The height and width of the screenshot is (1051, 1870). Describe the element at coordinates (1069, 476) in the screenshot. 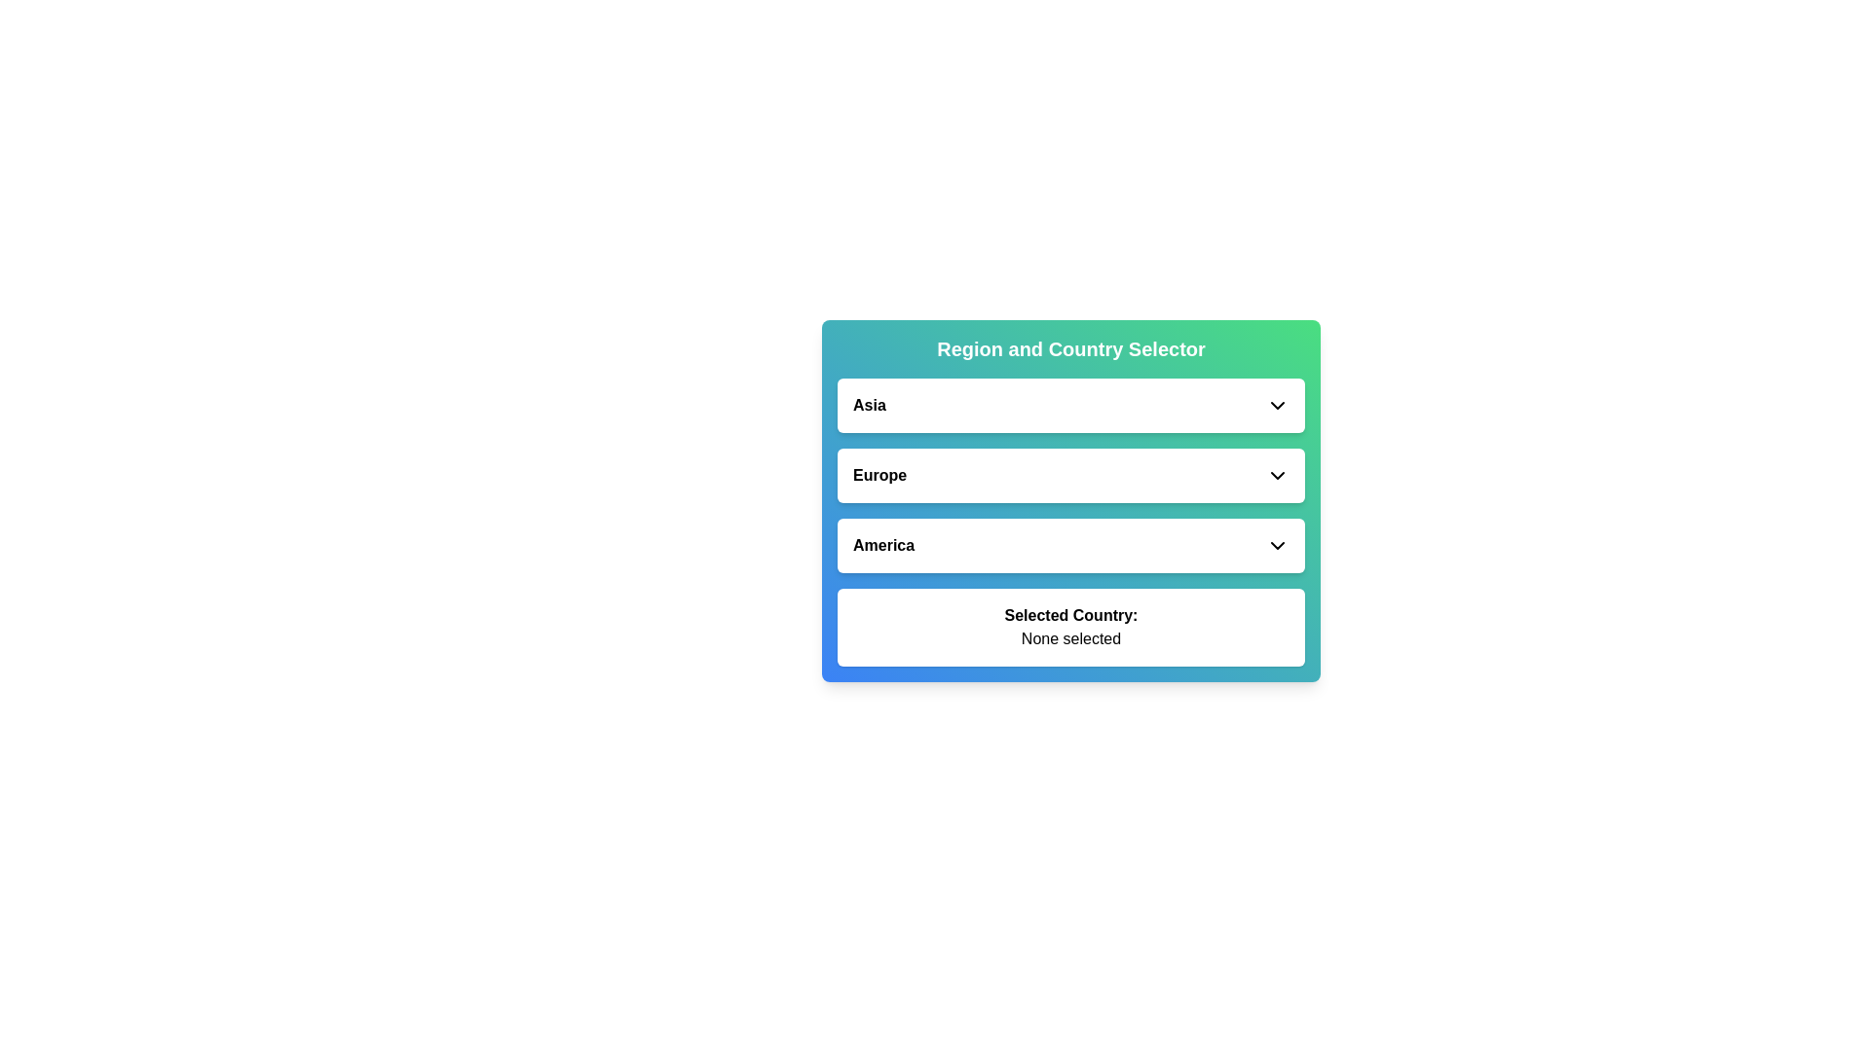

I see `the button for selecting options related to the 'Europe' region` at that location.